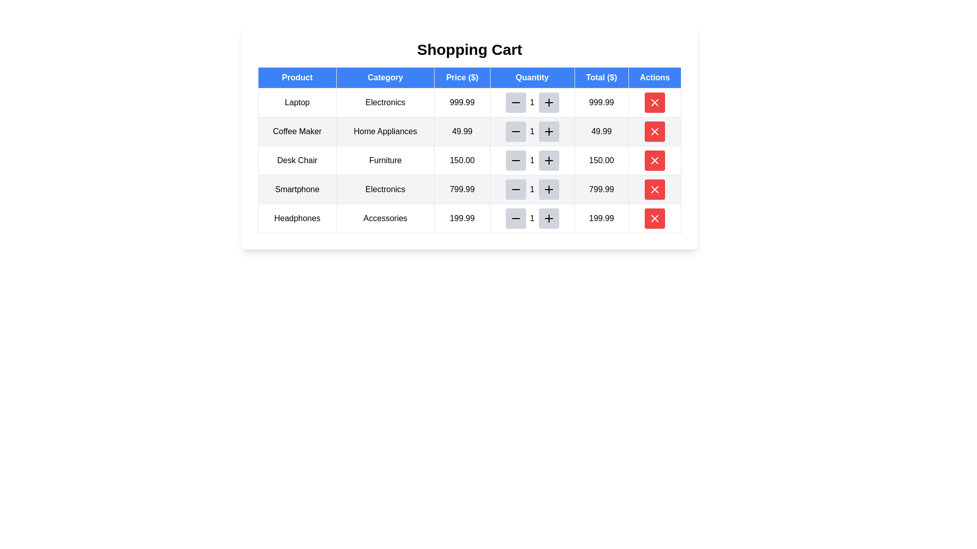 The width and height of the screenshot is (977, 549). I want to click on the Text label in the third row of the table under the 'Product' column that identifies the product as 'Smartphone', so click(297, 190).